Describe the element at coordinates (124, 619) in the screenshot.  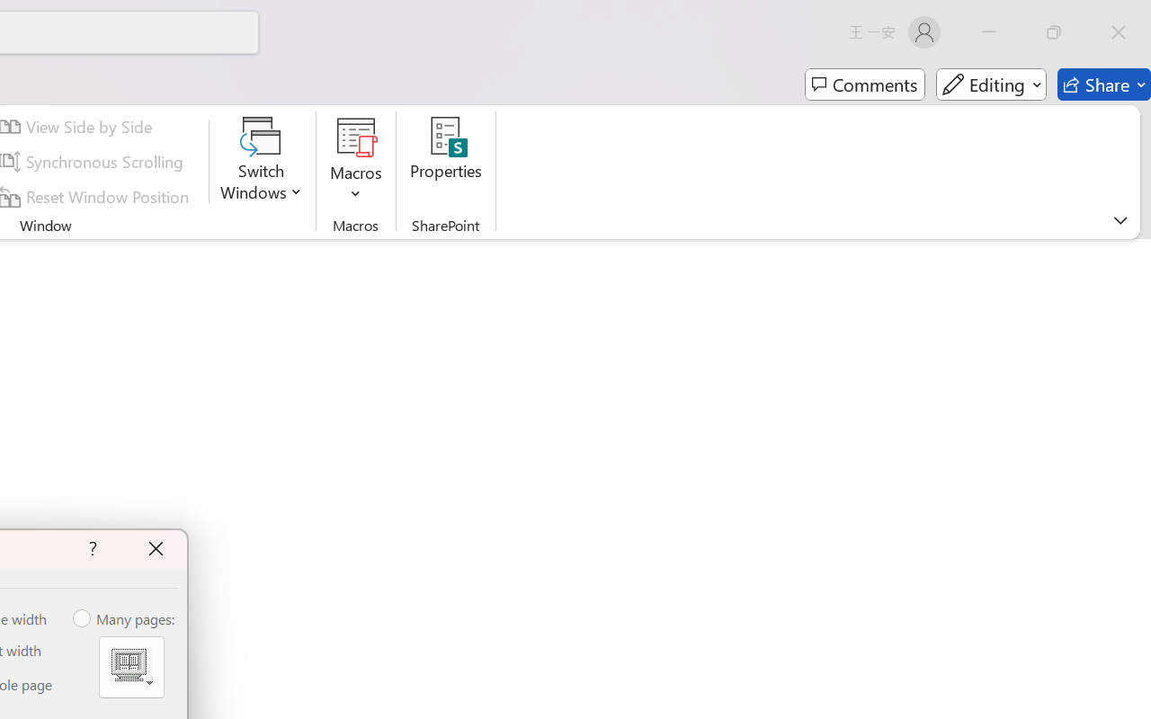
I see `'Many pages:'` at that location.